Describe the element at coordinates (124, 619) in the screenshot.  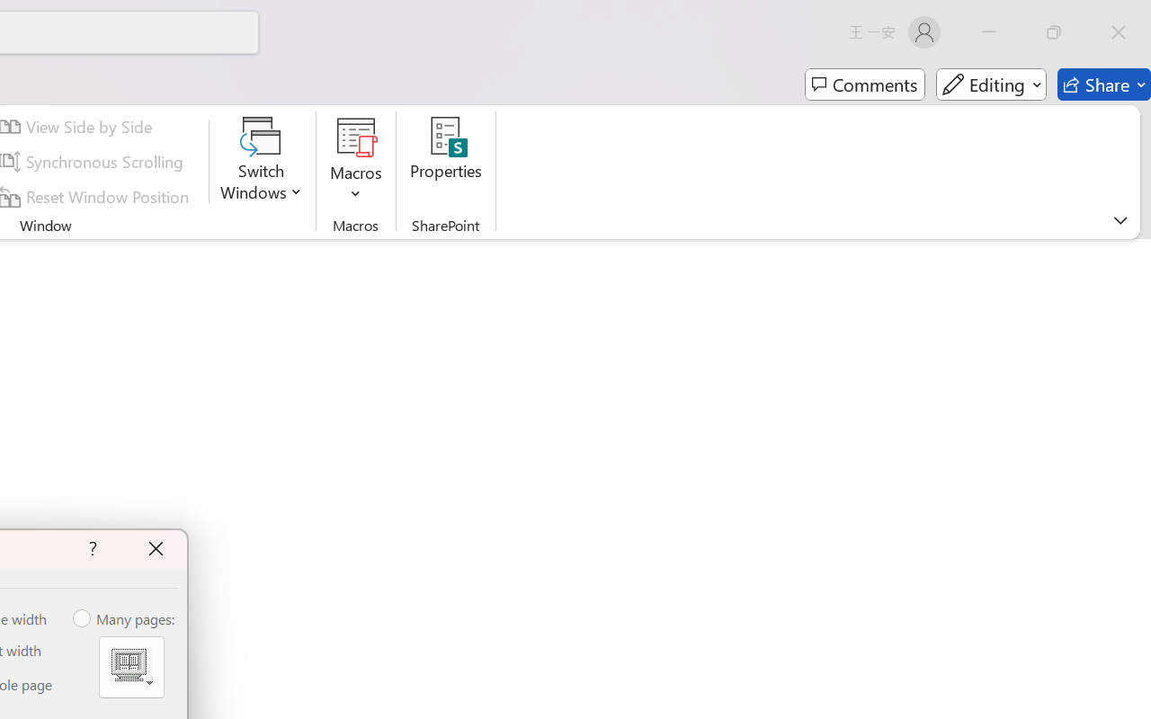
I see `'Many pages:'` at that location.